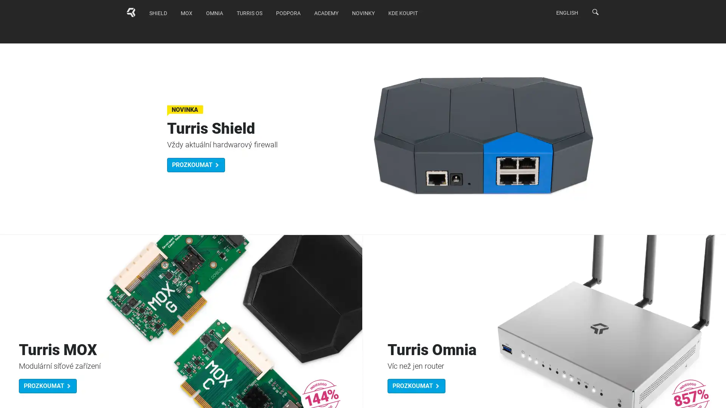 This screenshot has height=408, width=726. Describe the element at coordinates (595, 12) in the screenshot. I see `Search icon` at that location.